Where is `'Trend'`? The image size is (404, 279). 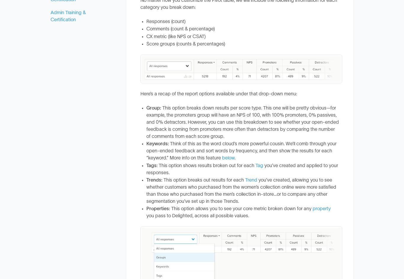
'Trend' is located at coordinates (251, 180).